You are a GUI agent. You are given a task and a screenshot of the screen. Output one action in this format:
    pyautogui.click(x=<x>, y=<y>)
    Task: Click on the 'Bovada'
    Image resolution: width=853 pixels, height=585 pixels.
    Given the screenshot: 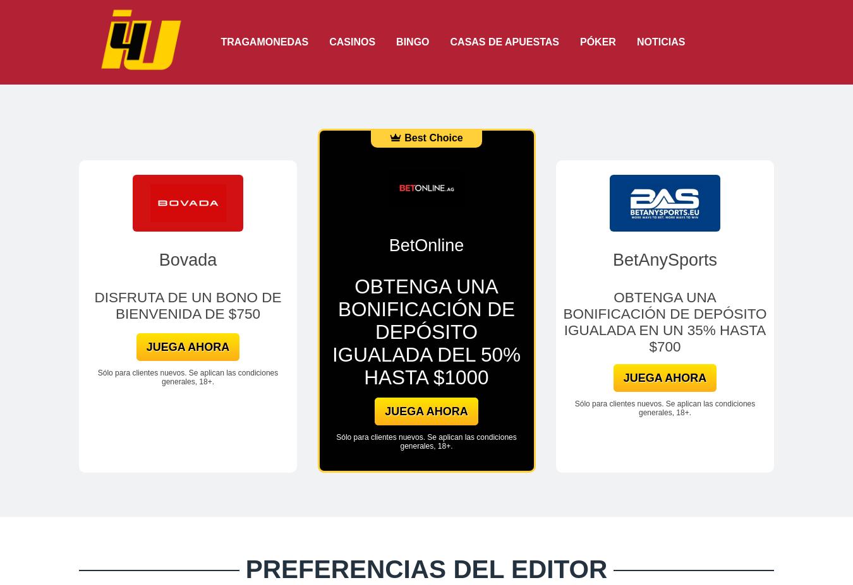 What is the action you would take?
    pyautogui.click(x=187, y=259)
    